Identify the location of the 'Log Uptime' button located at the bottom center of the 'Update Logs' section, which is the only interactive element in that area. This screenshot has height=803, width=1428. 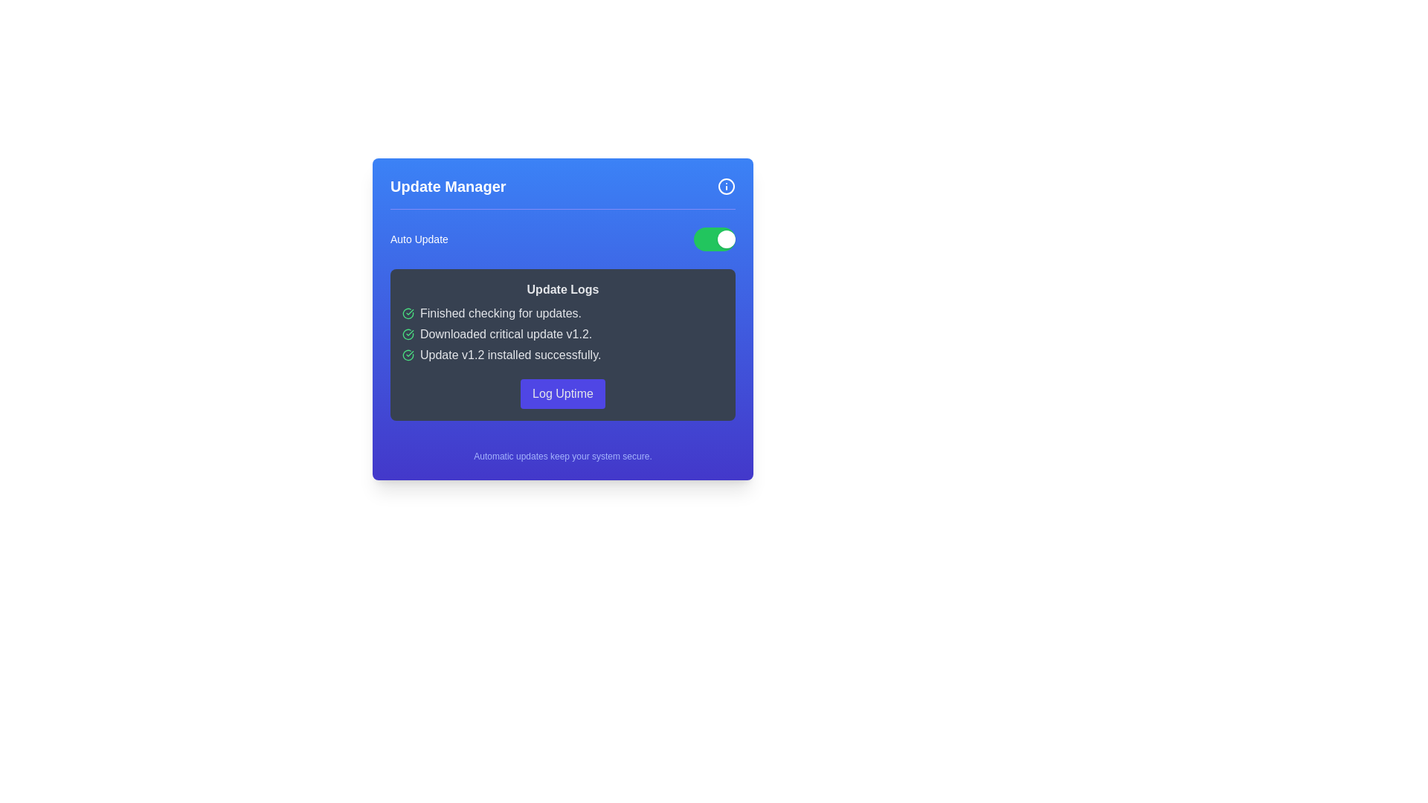
(562, 393).